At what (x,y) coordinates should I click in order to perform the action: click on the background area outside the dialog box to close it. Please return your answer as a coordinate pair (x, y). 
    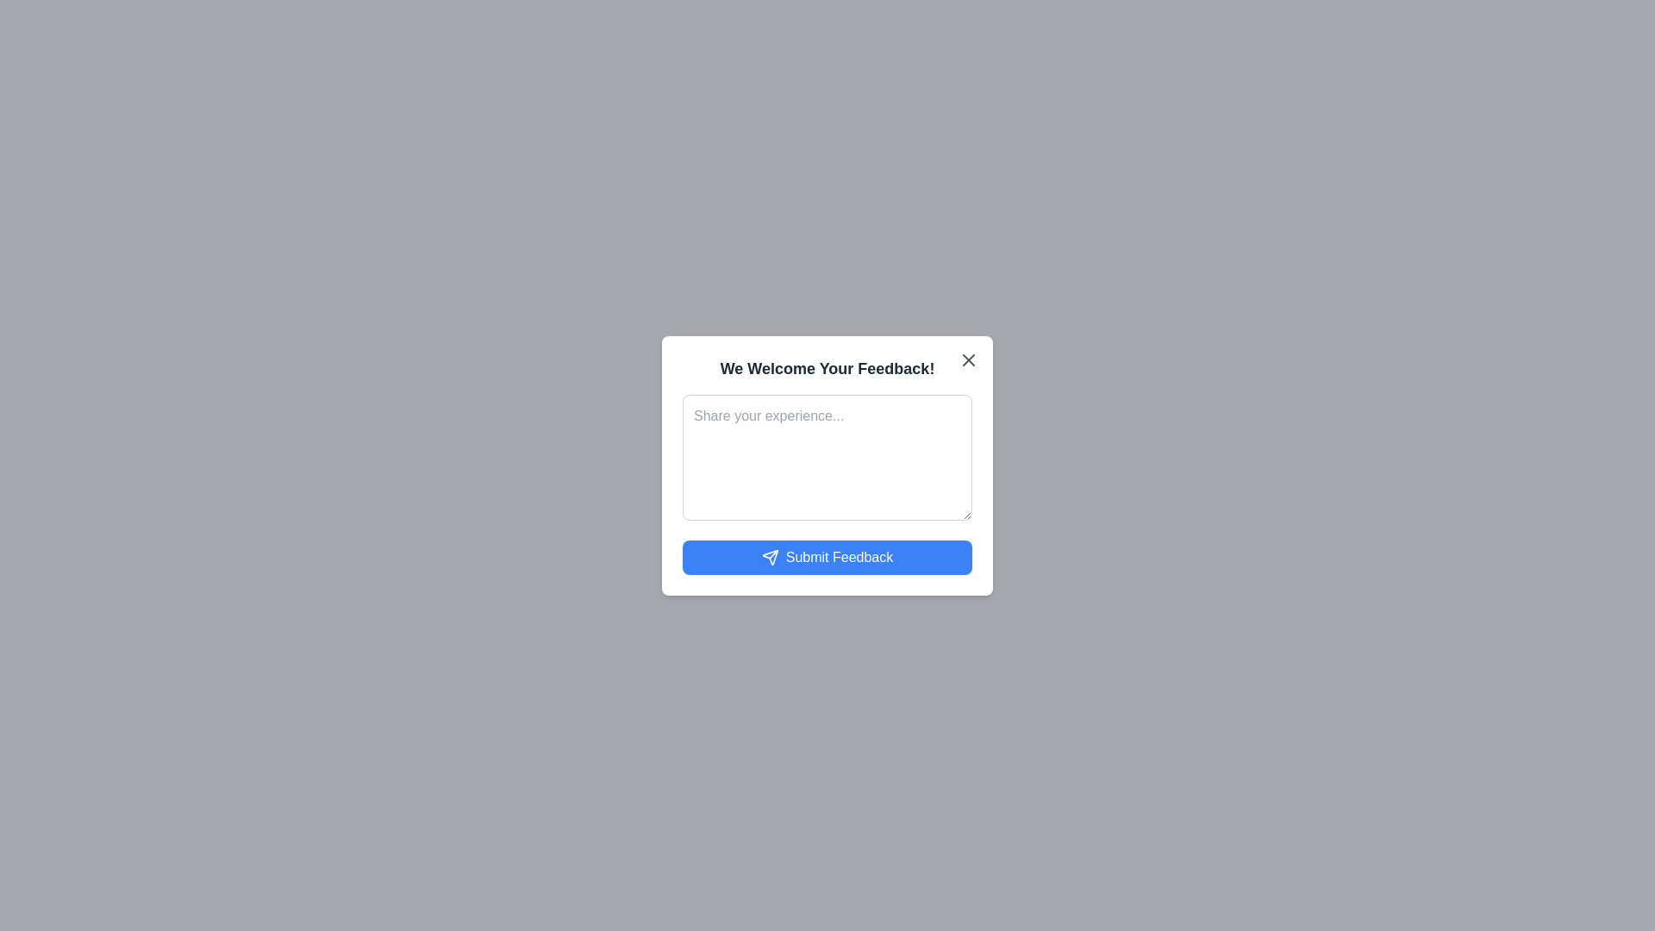
    Looking at the image, I should click on (85, 86).